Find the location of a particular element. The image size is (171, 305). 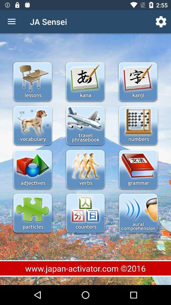

counters is located at coordinates (85, 214).